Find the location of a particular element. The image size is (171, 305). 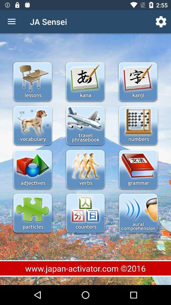

counters is located at coordinates (85, 214).